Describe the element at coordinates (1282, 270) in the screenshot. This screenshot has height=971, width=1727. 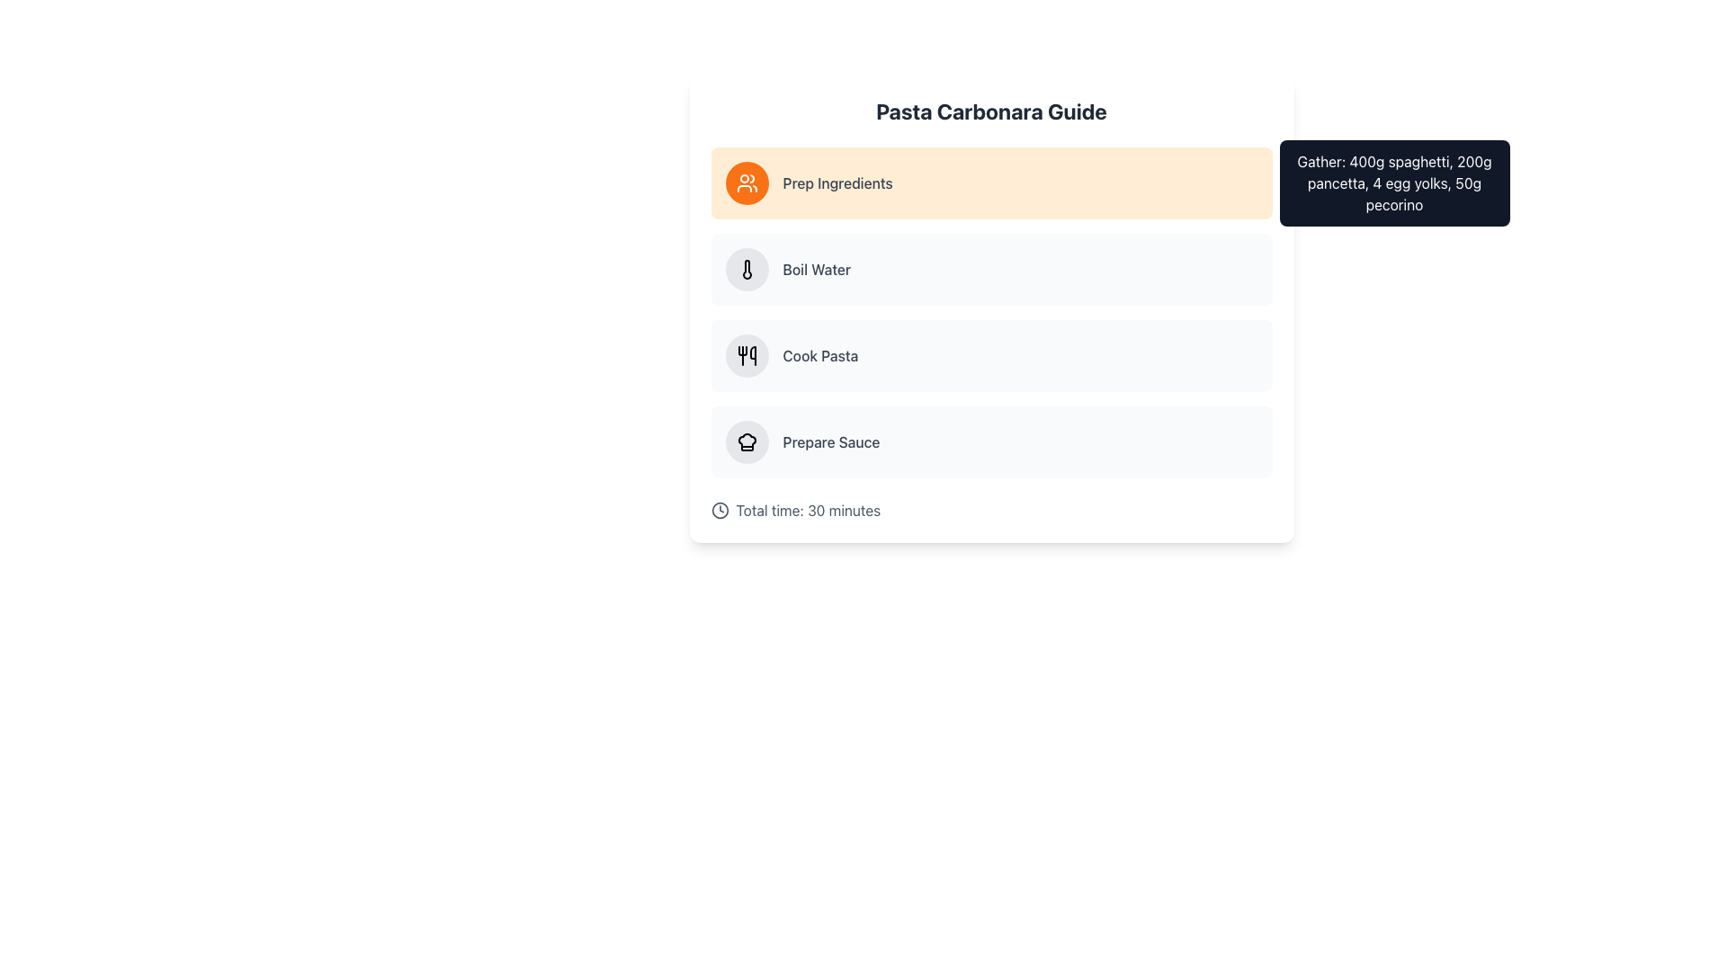
I see `the position of the Pointer arrow icon, which is a small triangular arrow styled as a speech bubble pointer, located towards the left edge of the tooltip box for 'Prep Ingredients'` at that location.